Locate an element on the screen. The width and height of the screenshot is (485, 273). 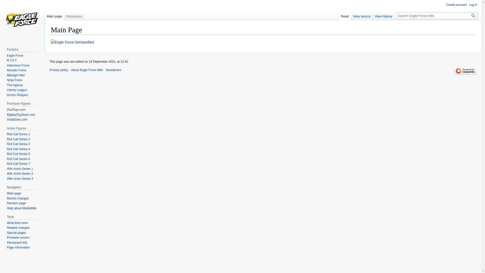
'Discussion' is located at coordinates (64, 15).